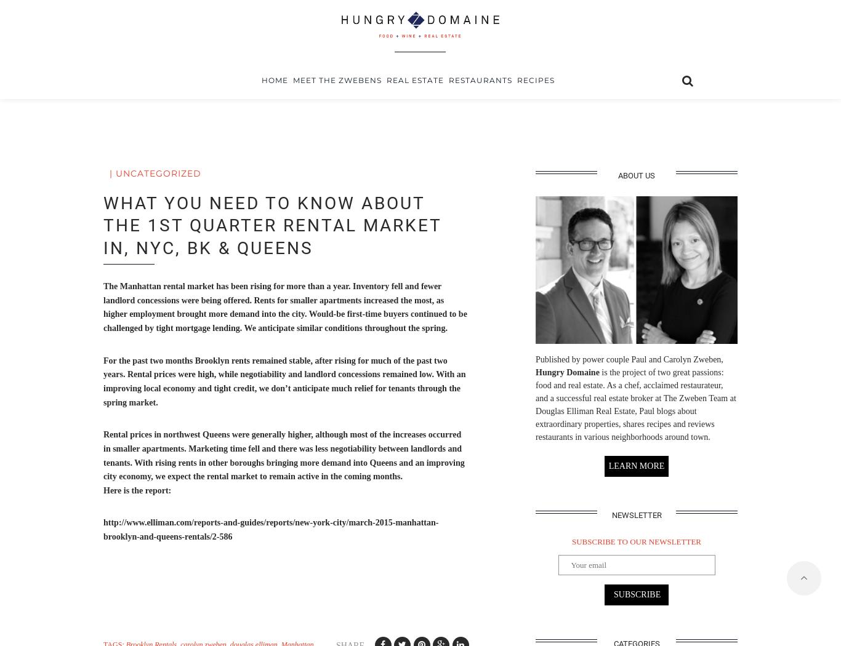  I want to click on 'is the project of two great passions: food and real estate. As a chef, acclaimed restaurateur, and a successful real estate broker at The Zweben Team at Douglas Elliman Real Estate, Paul blogs about extraordinary properties, shares recipes and reviews restaurants in various neighborhoods around town.', so click(535, 403).